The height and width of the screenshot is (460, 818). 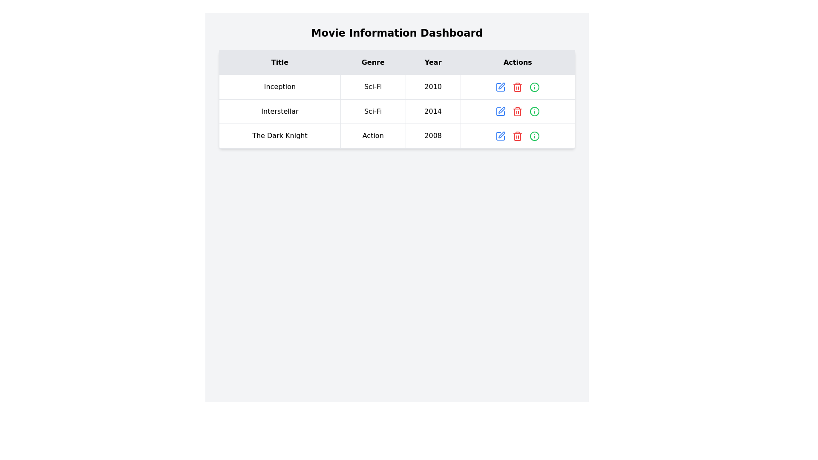 I want to click on the small circular icon button with an outlined border and an 'i' symbol, which is located in the 'Actions' column of the third row of the movie information table, so click(x=534, y=135).